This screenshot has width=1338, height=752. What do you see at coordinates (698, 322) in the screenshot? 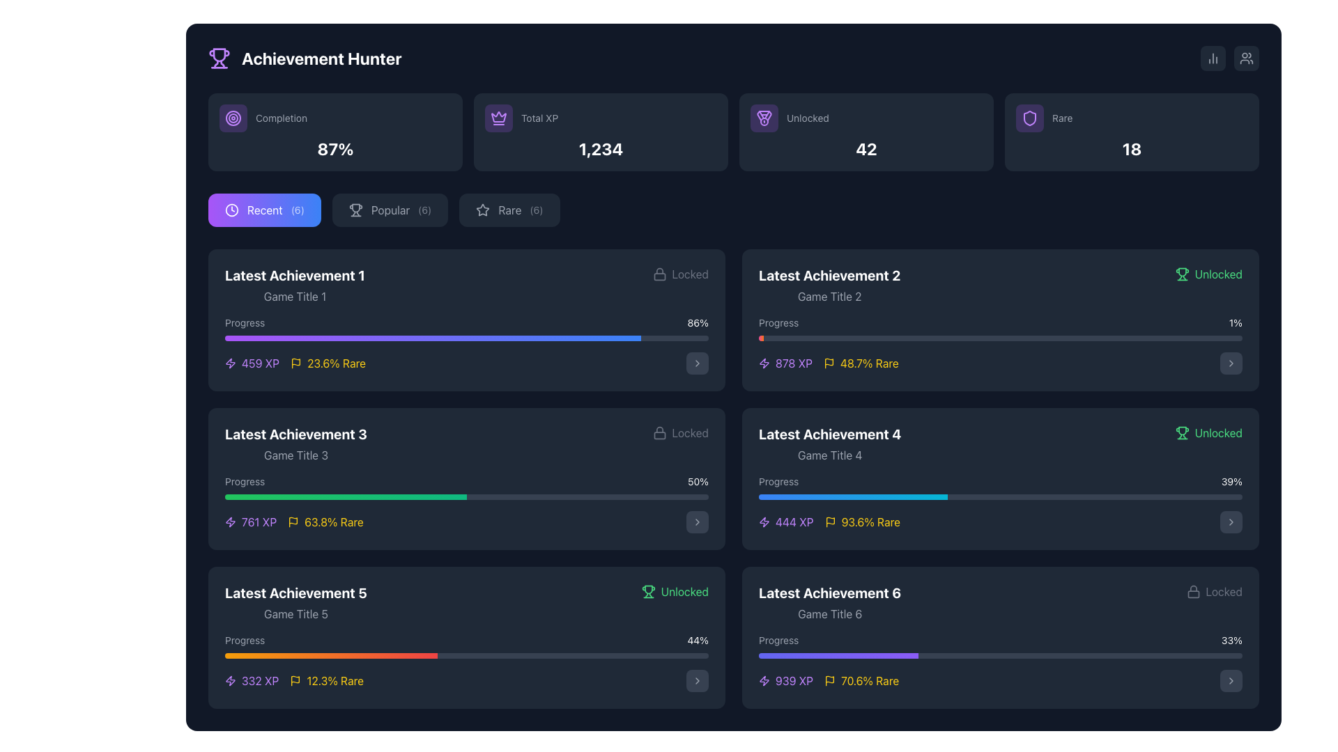
I see `the text label indicating the percentage progress of the task in the 'Latest Achievement 1' section, located to the right of the purple progress bar` at bounding box center [698, 322].